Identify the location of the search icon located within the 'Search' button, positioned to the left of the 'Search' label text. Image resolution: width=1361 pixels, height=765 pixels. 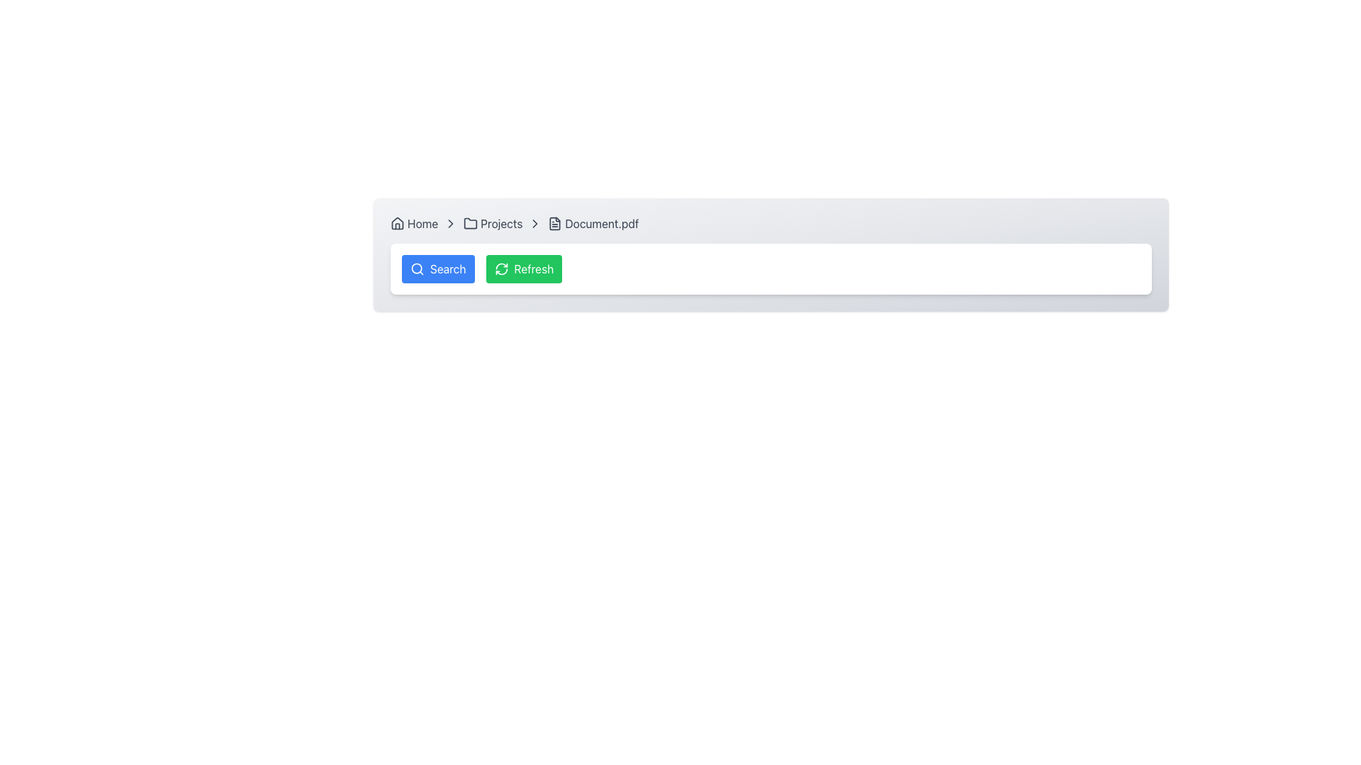
(417, 269).